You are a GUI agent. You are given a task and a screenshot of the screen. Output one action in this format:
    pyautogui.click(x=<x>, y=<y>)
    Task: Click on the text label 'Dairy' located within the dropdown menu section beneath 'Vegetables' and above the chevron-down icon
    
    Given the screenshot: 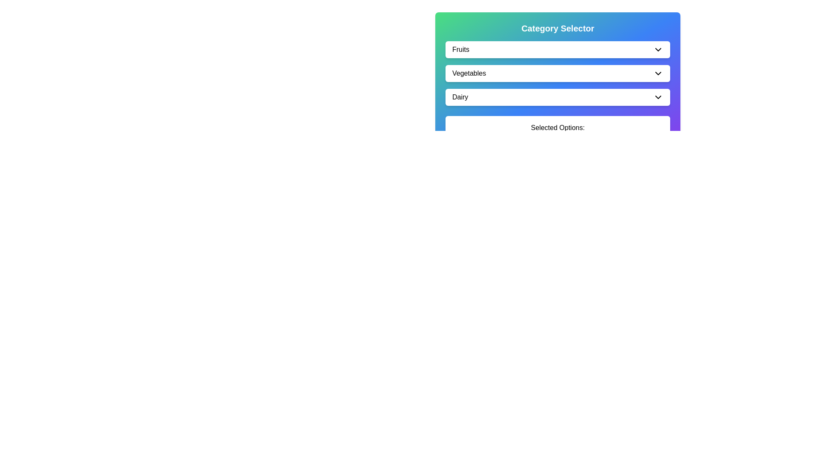 What is the action you would take?
    pyautogui.click(x=460, y=96)
    